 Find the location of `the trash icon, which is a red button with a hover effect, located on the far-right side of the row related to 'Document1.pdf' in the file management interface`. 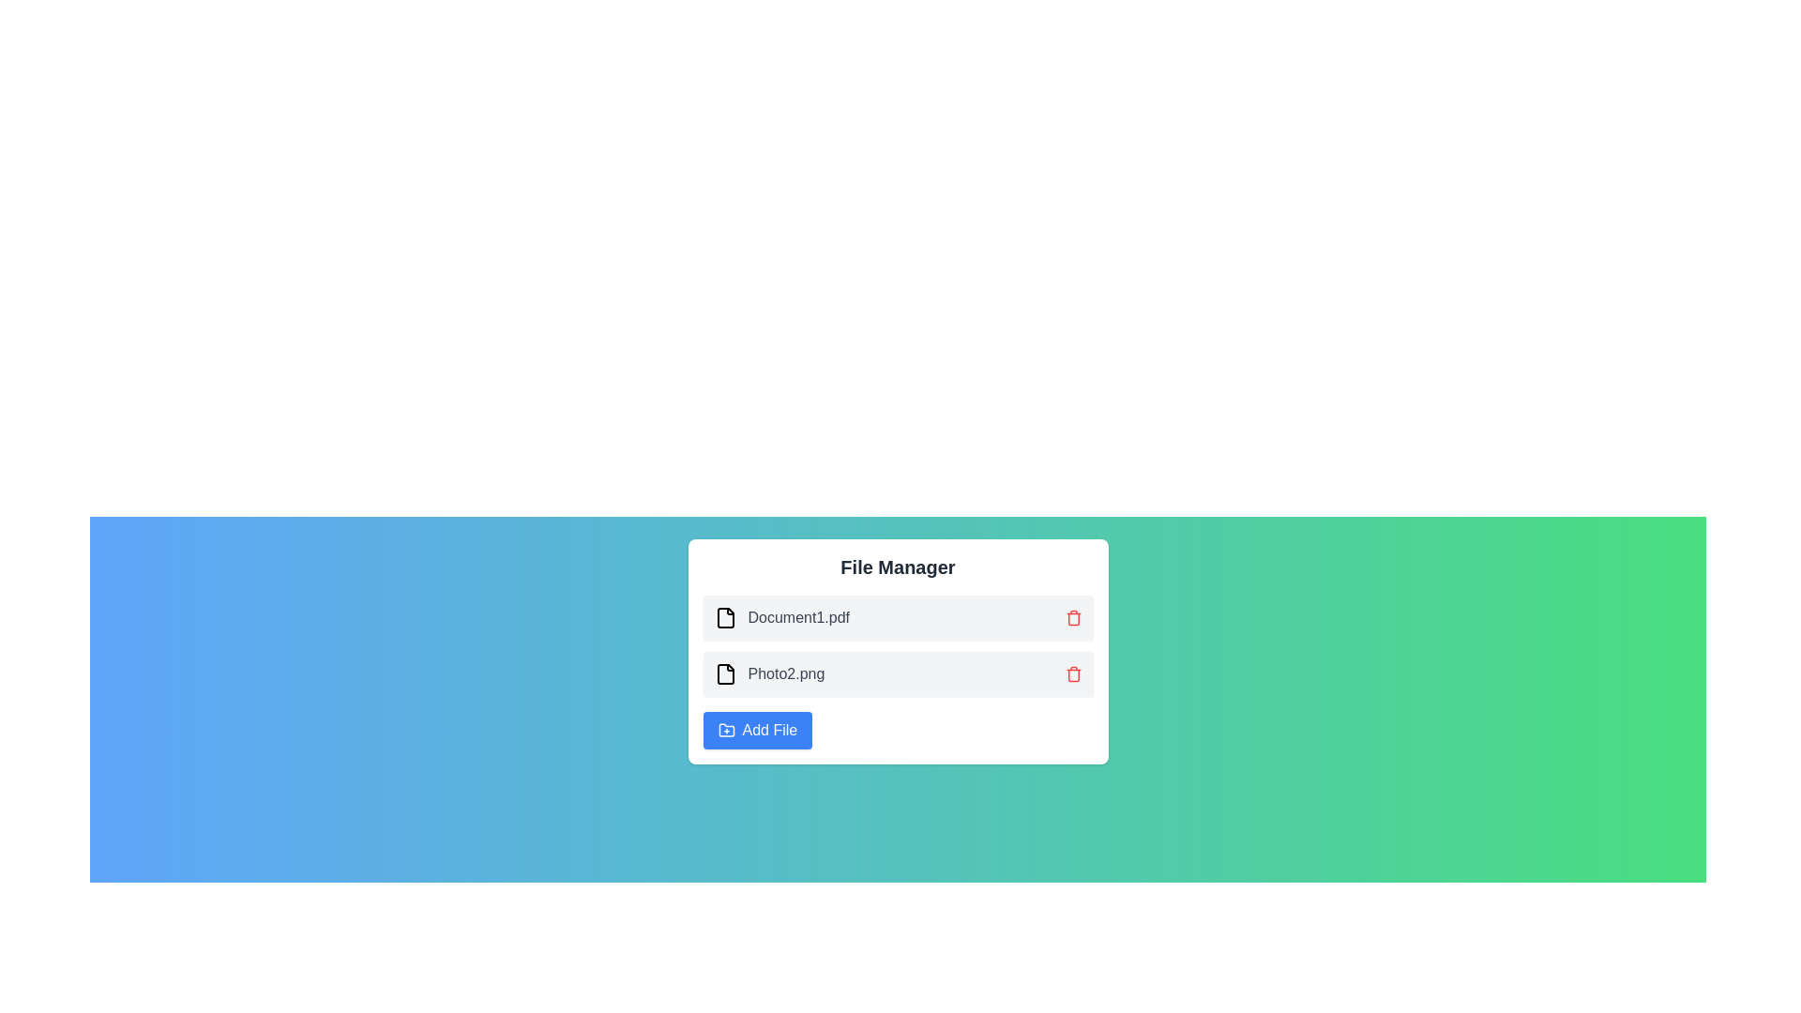

the trash icon, which is a red button with a hover effect, located on the far-right side of the row related to 'Document1.pdf' in the file management interface is located at coordinates (1073, 618).